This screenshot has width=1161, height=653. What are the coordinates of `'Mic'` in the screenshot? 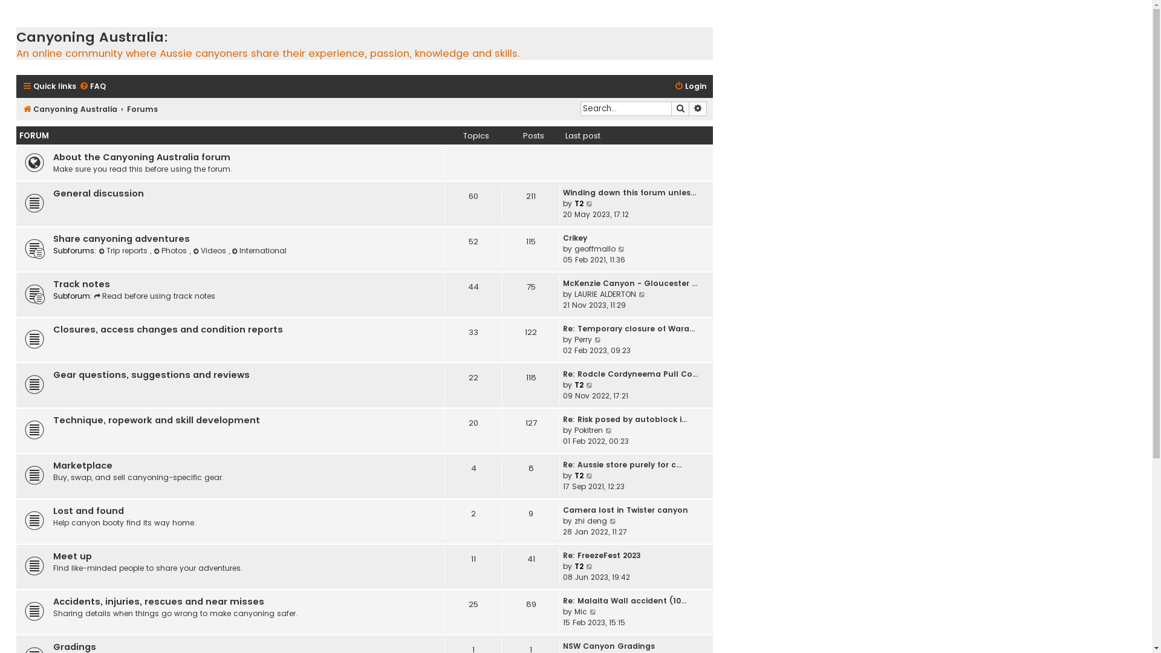 It's located at (580, 611).